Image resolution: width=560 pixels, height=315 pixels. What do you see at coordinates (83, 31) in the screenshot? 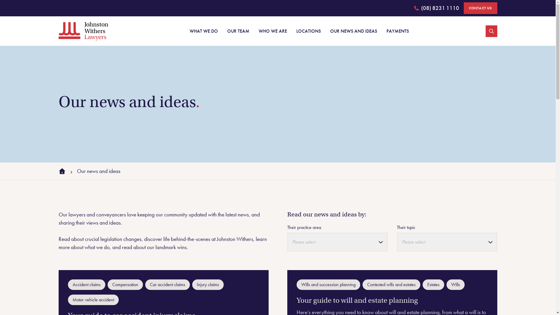
I see `'Johnston Withers'` at bounding box center [83, 31].